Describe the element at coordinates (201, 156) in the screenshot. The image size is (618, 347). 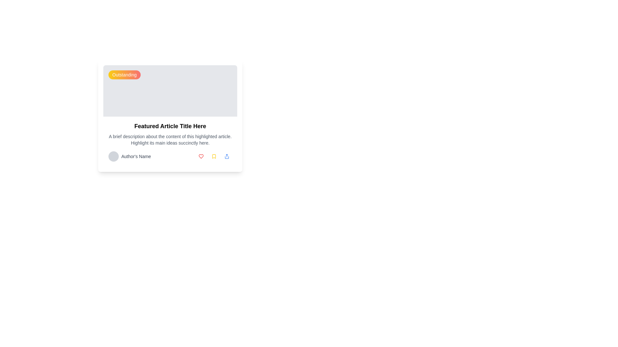
I see `the heart-shaped icon in the bottom toolbar of the card component` at that location.